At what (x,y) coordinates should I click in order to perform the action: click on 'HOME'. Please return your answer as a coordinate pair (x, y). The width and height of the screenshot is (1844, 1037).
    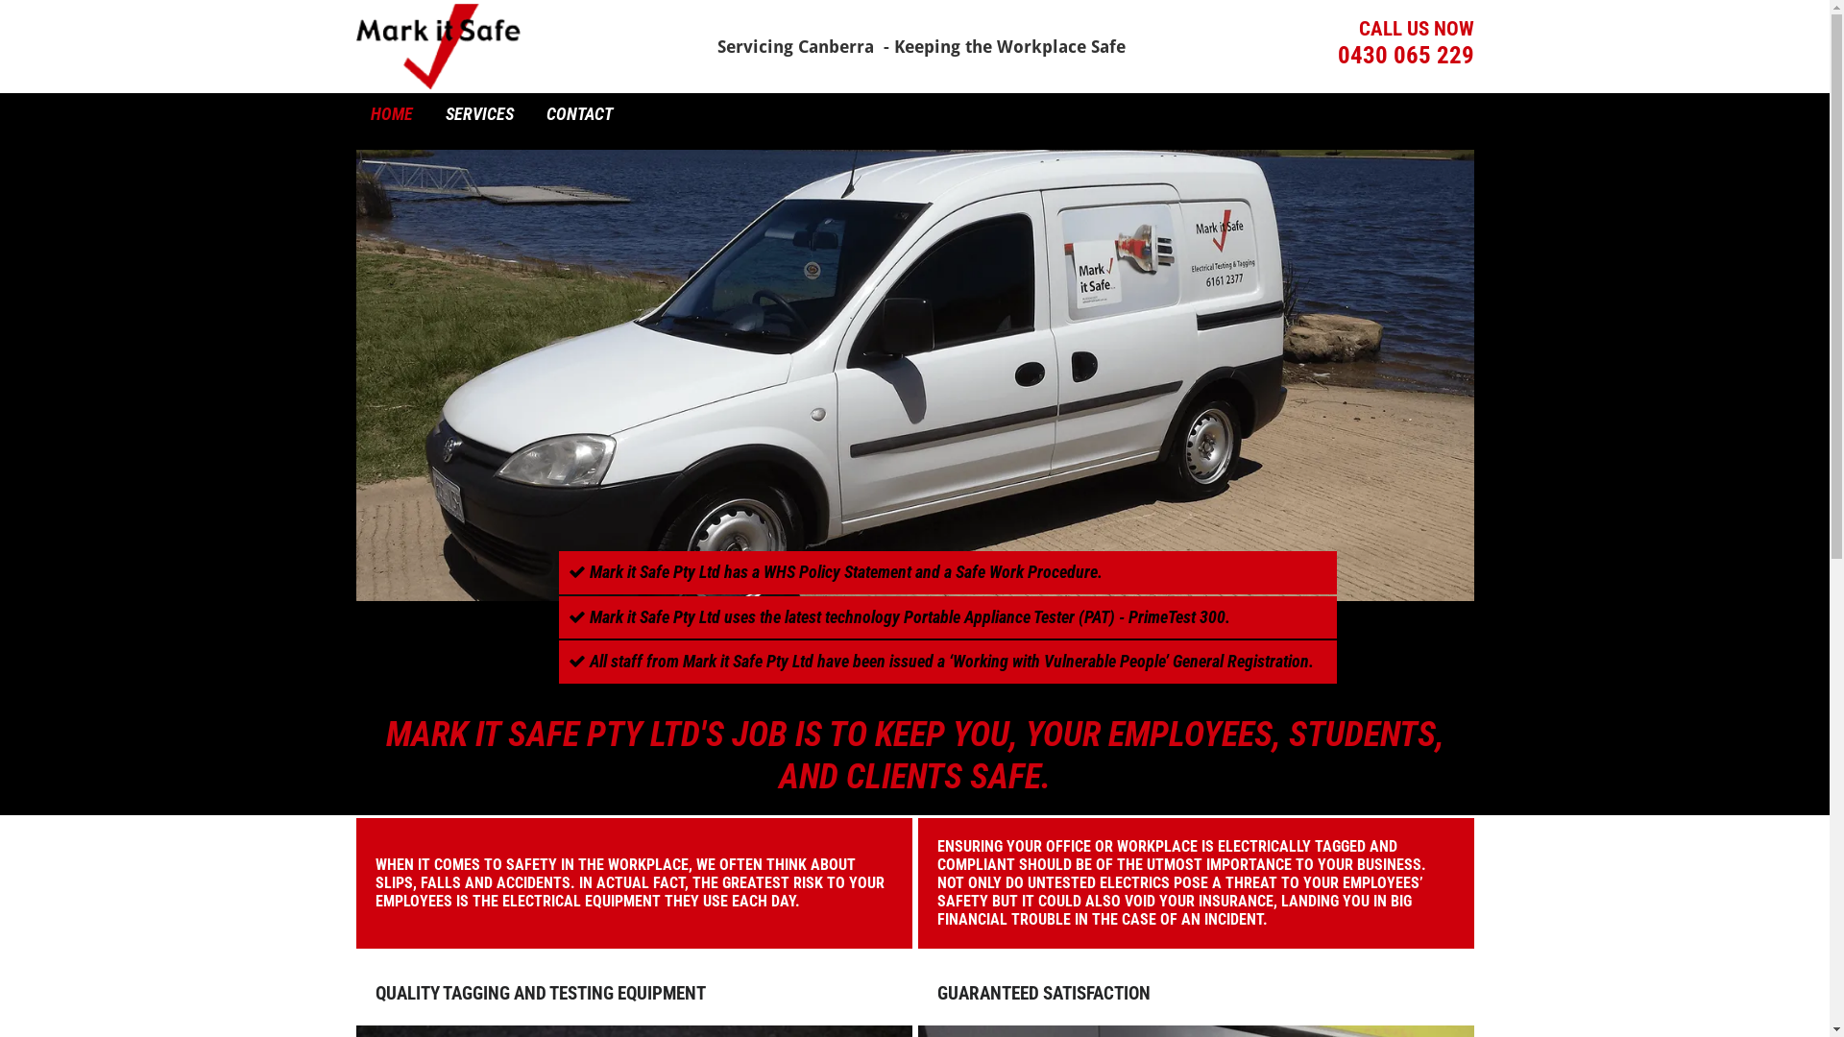
    Looking at the image, I should click on (391, 114).